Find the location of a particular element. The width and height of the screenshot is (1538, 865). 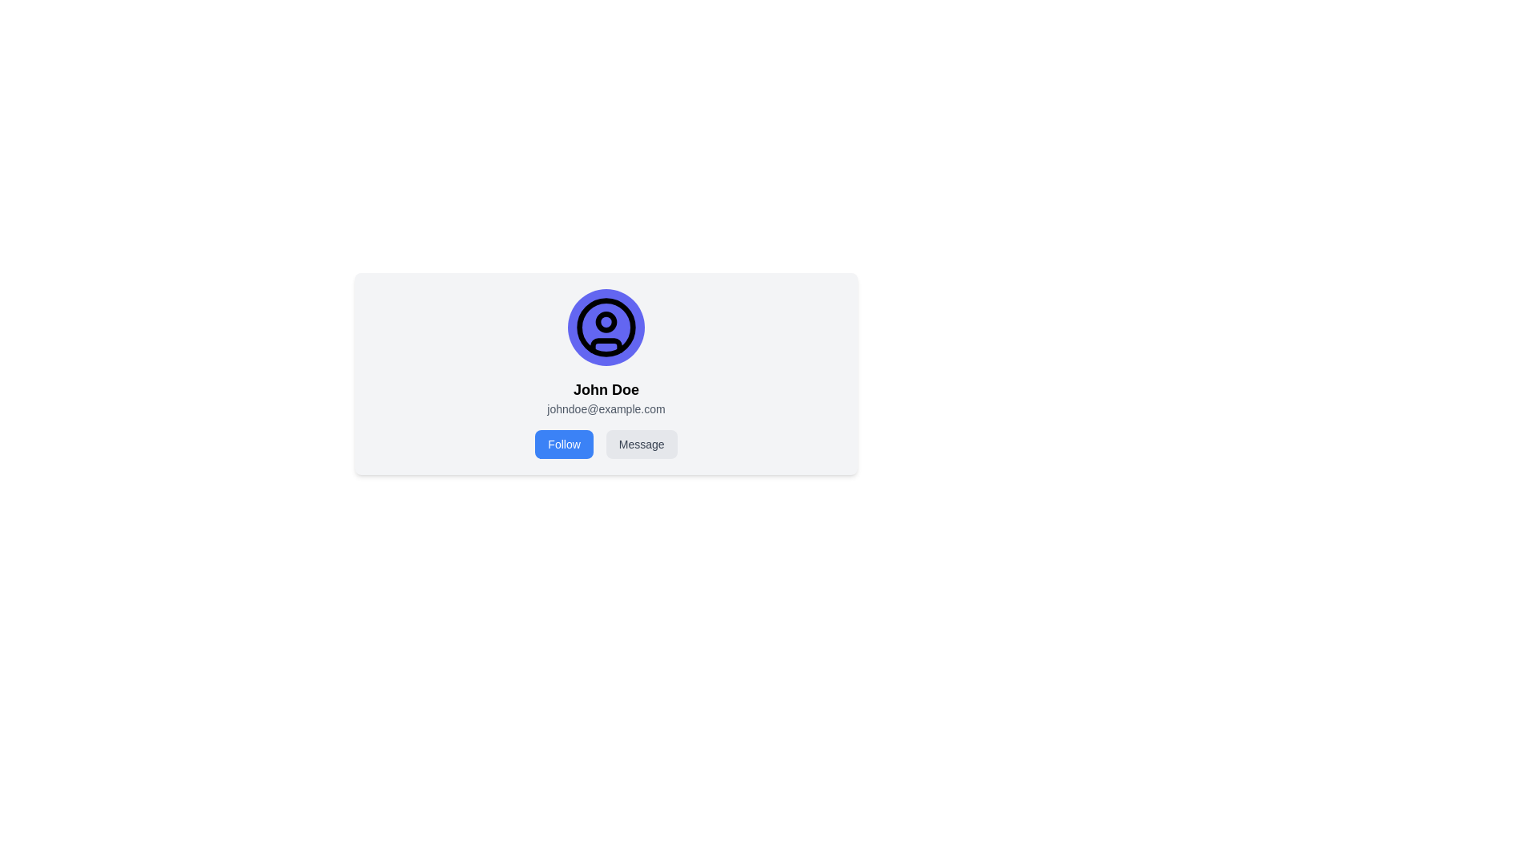

text label stating 'John Doe', which is styled in a bold and large font, located within a user profile card directly below the avatar icon is located at coordinates (606, 389).